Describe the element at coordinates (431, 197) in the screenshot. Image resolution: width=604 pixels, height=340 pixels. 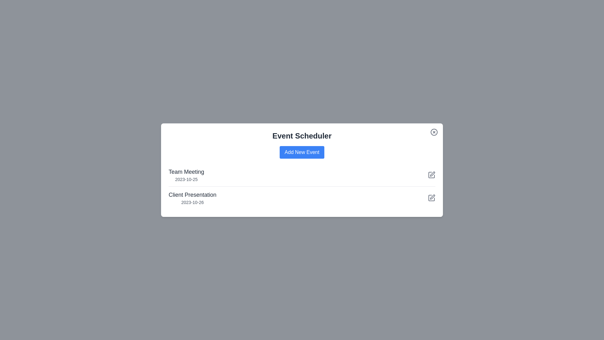
I see `the Edit Icon located to the right of the 'Client Presentation' text with the date '2023-10-26'` at that location.